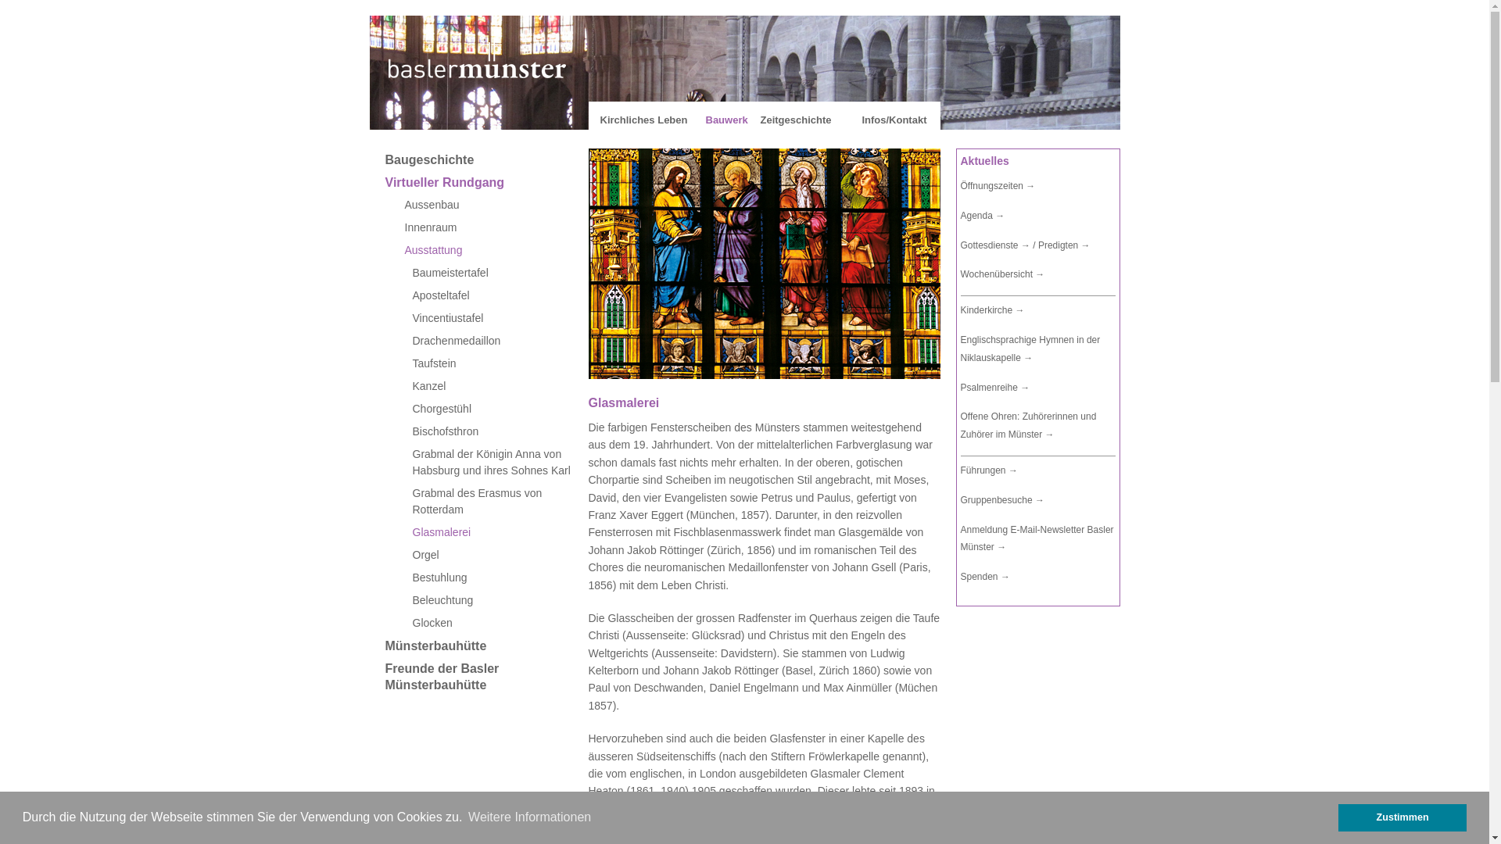  Describe the element at coordinates (489, 204) in the screenshot. I see `'Aussenbau'` at that location.